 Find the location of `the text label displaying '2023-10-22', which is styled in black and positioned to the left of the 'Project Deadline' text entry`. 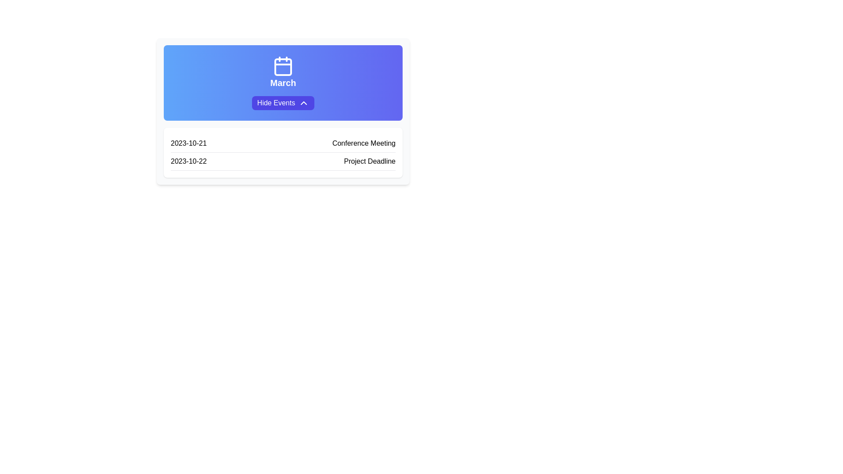

the text label displaying '2023-10-22', which is styled in black and positioned to the left of the 'Project Deadline' text entry is located at coordinates (188, 161).